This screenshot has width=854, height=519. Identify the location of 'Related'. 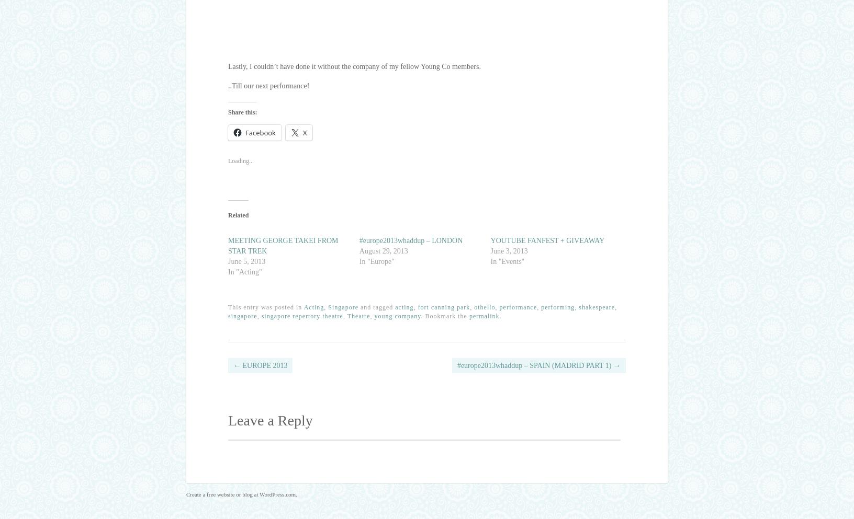
(238, 214).